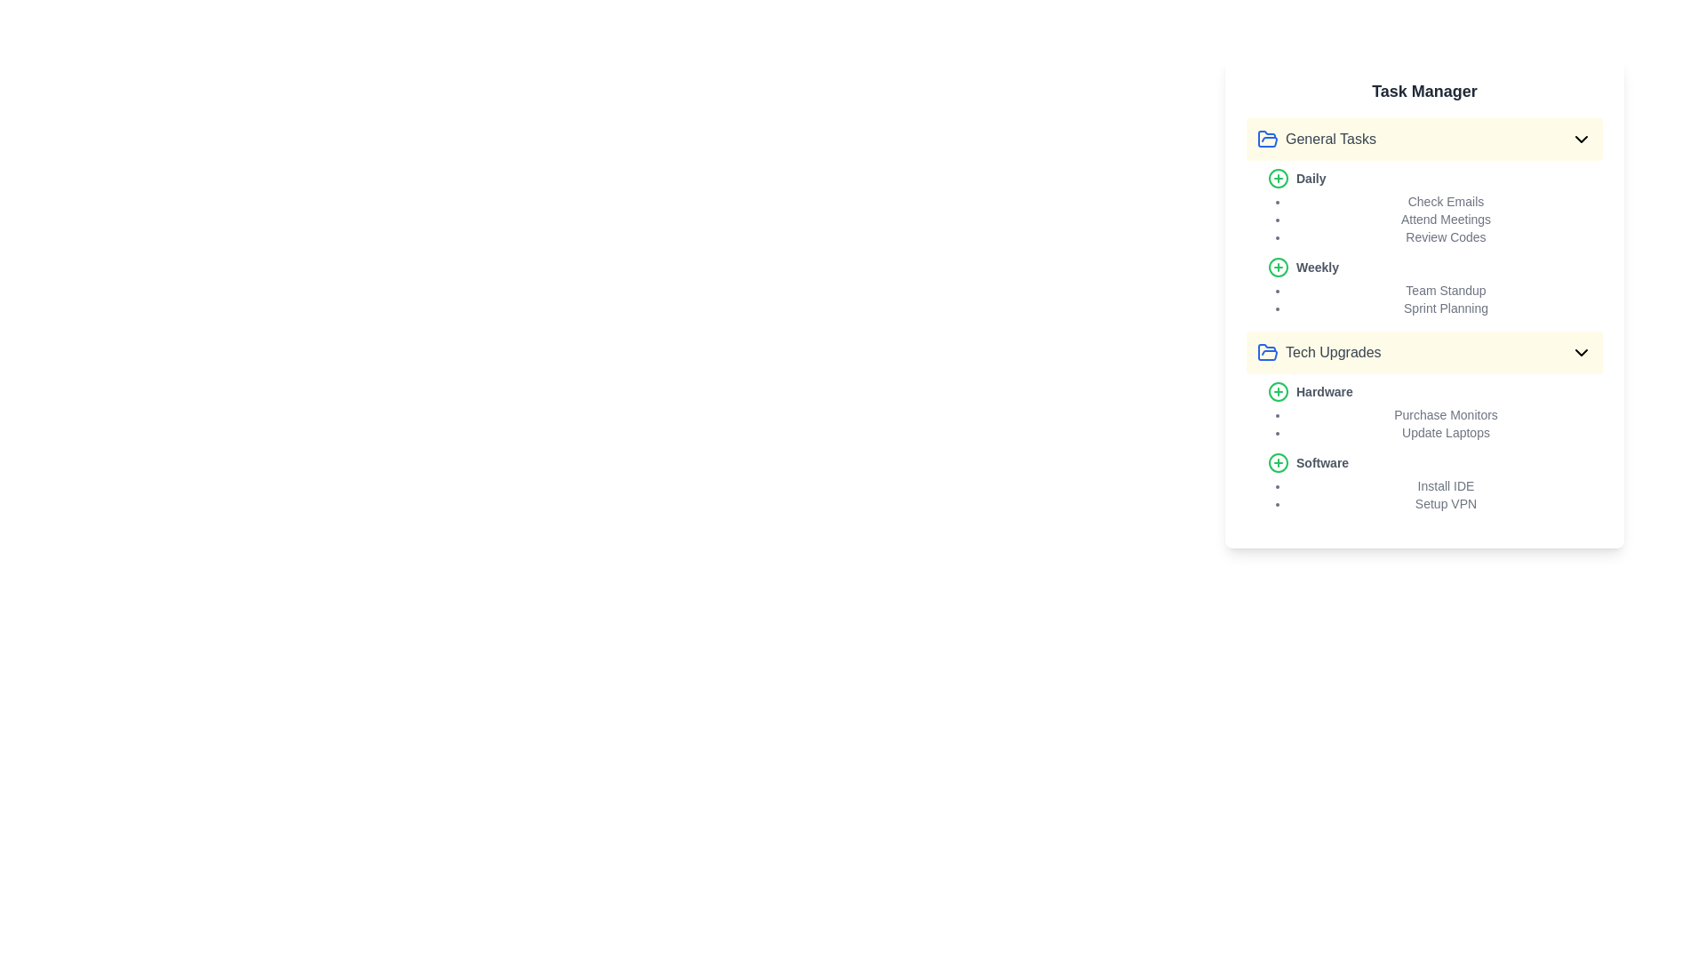  I want to click on the text label 'Check Emails' which is the first item in the 'Daily' bullet list of the task manager interface, so click(1446, 201).